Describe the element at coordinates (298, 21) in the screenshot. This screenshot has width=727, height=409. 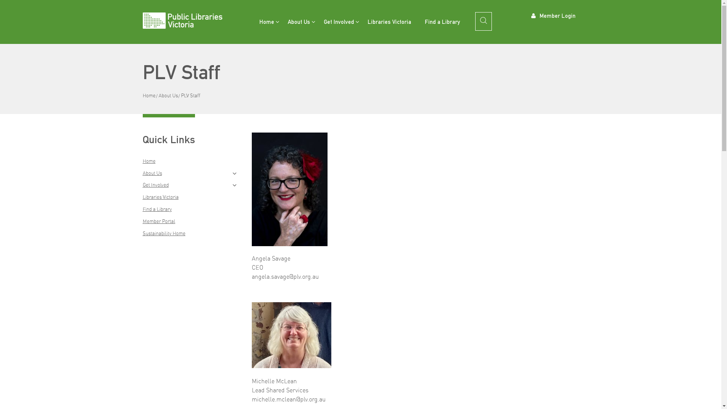
I see `'About Us'` at that location.